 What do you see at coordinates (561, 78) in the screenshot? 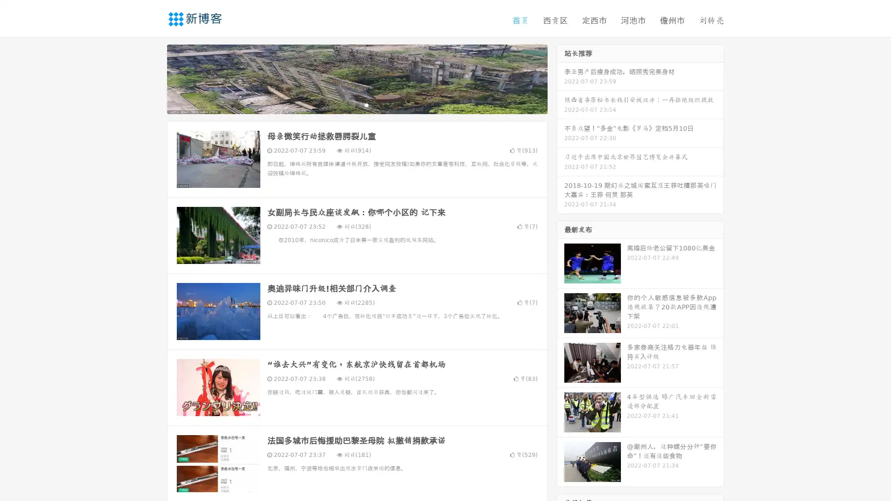
I see `Next slide` at bounding box center [561, 78].